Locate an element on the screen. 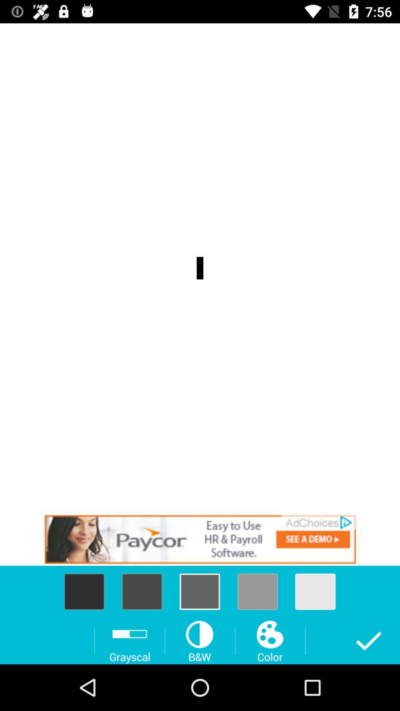 The height and width of the screenshot is (711, 400). advertisement is located at coordinates (200, 539).